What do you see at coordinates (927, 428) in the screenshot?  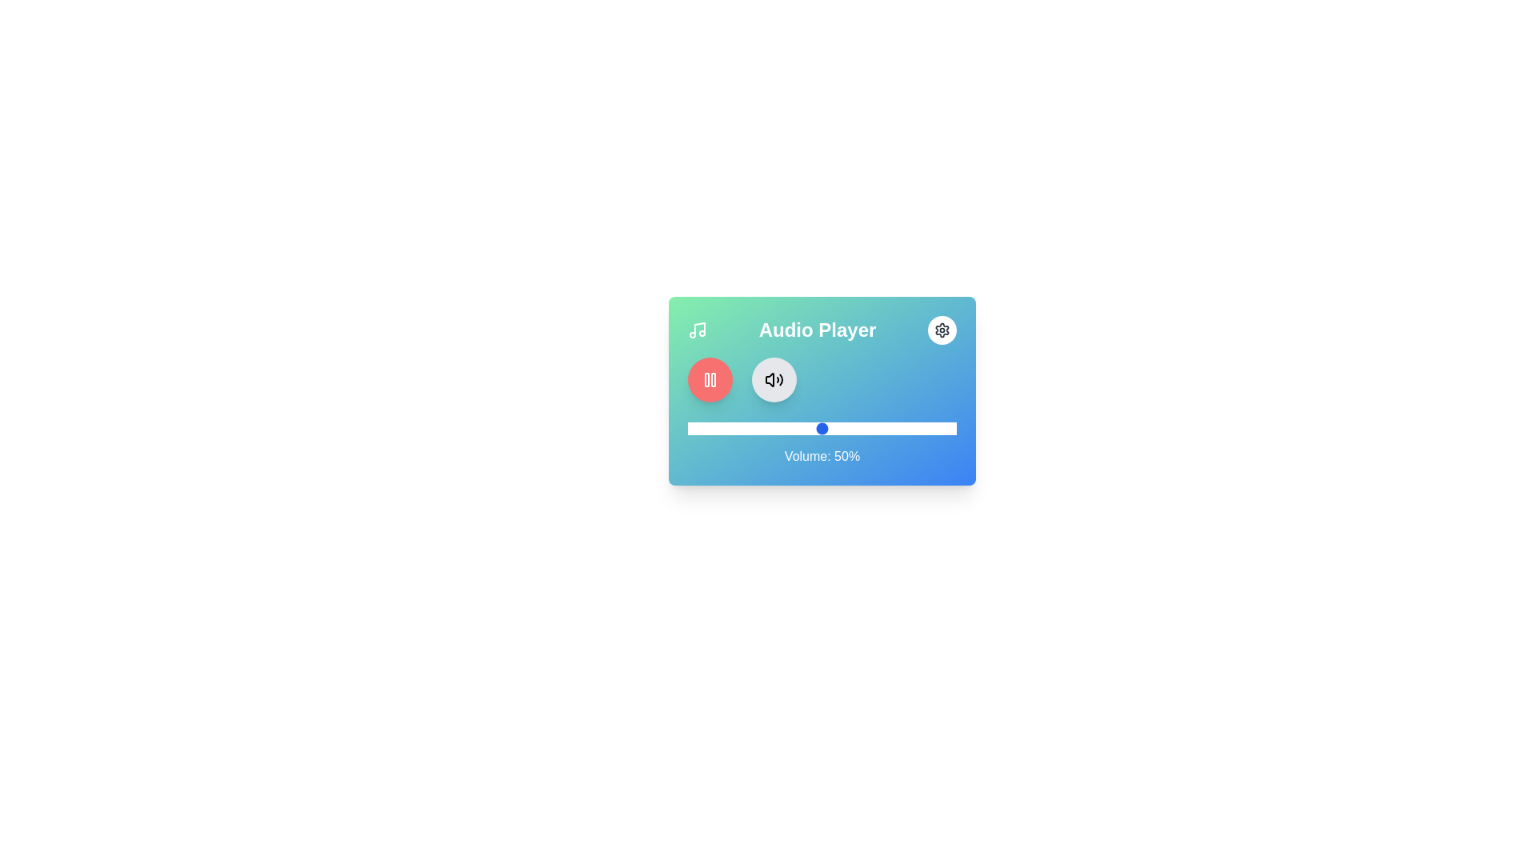 I see `the slider value` at bounding box center [927, 428].